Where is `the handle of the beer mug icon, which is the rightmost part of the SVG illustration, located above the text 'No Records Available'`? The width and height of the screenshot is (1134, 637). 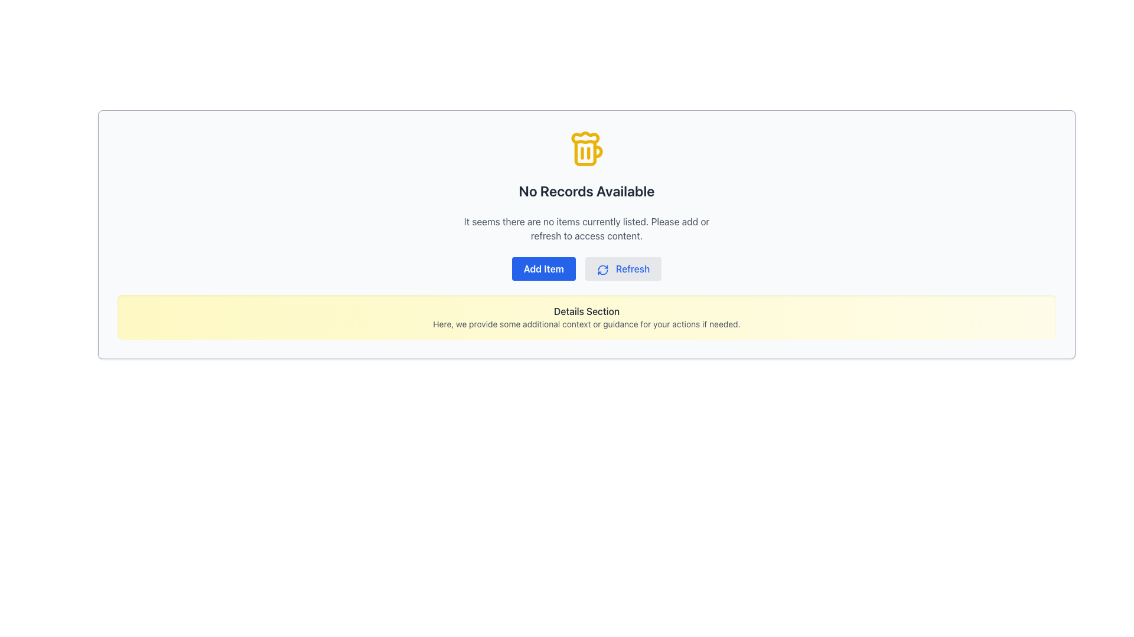
the handle of the beer mug icon, which is the rightmost part of the SVG illustration, located above the text 'No Records Available' is located at coordinates (598, 151).